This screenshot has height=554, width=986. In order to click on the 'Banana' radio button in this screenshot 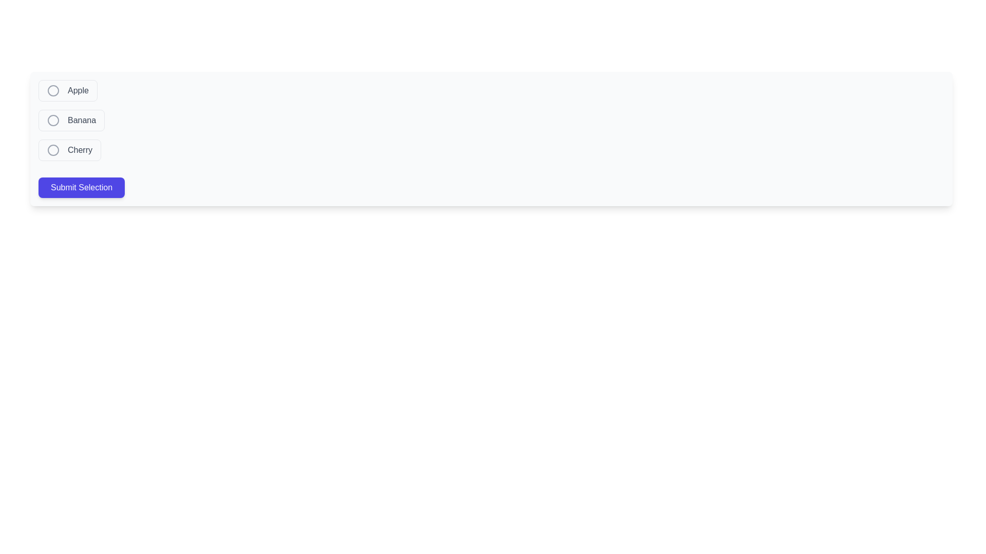, I will do `click(71, 120)`.